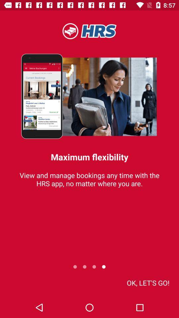 The image size is (179, 318). What do you see at coordinates (148, 282) in the screenshot?
I see `ok let s` at bounding box center [148, 282].